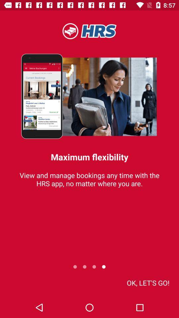 The image size is (179, 318). What do you see at coordinates (148, 282) in the screenshot?
I see `ok let s` at bounding box center [148, 282].